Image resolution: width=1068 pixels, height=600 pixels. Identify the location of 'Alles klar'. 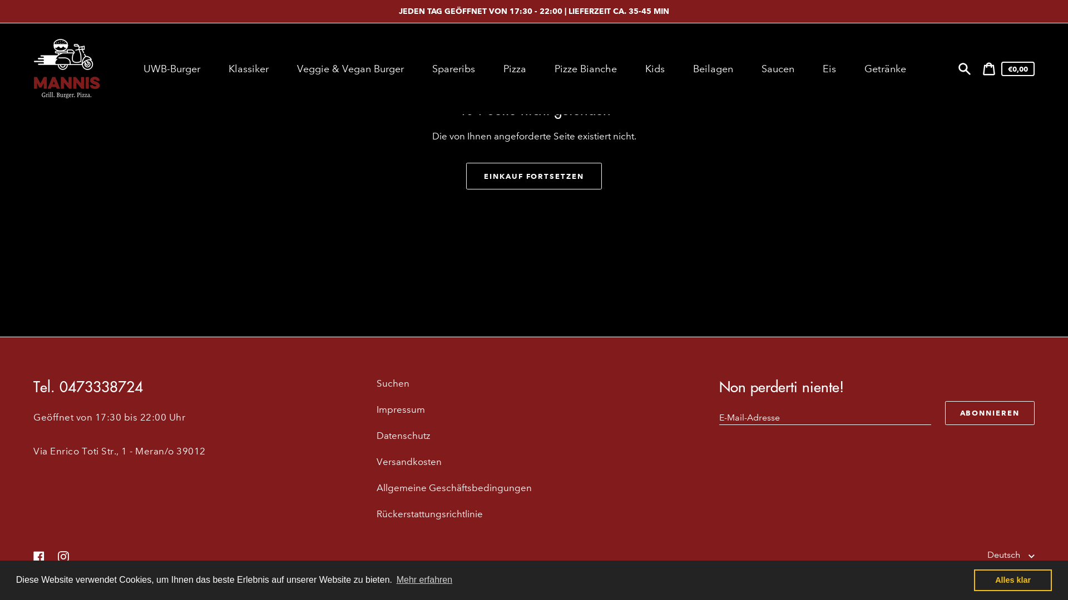
(1012, 579).